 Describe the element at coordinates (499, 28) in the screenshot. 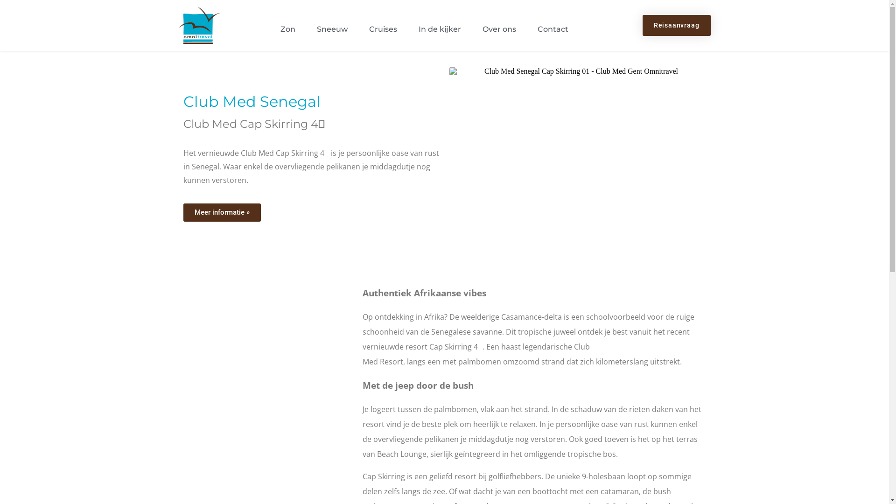

I see `'Over ons'` at that location.